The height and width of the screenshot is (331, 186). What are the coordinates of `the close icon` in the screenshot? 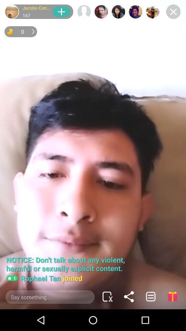 It's located at (173, 11).